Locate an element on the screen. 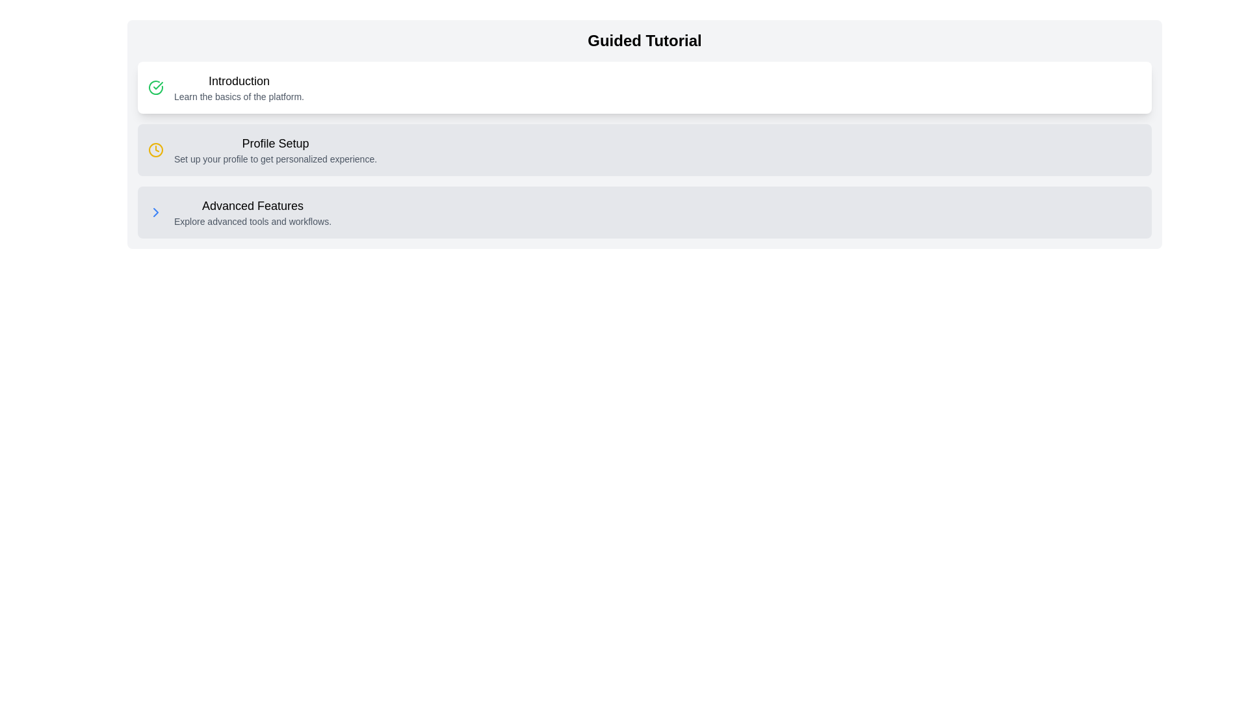  the descriptive text 'Explore advanced tools and workflows.' located under the 'Advanced Features' section is located at coordinates (252, 220).